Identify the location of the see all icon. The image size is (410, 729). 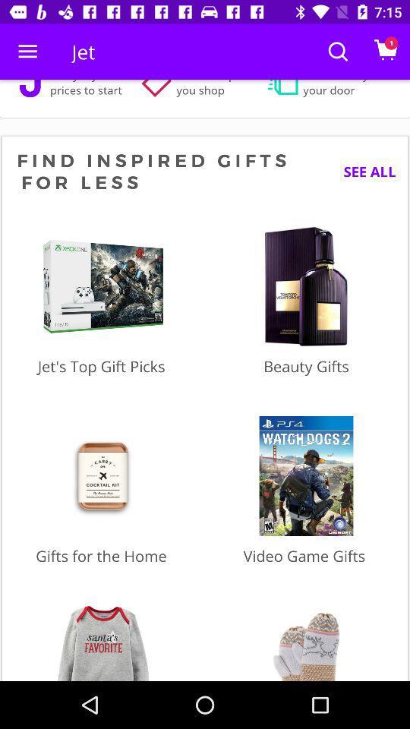
(363, 172).